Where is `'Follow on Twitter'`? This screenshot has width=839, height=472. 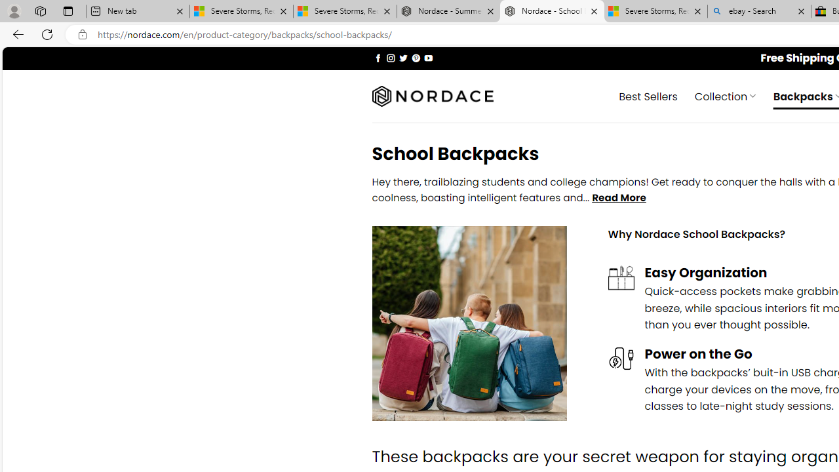 'Follow on Twitter' is located at coordinates (402, 57).